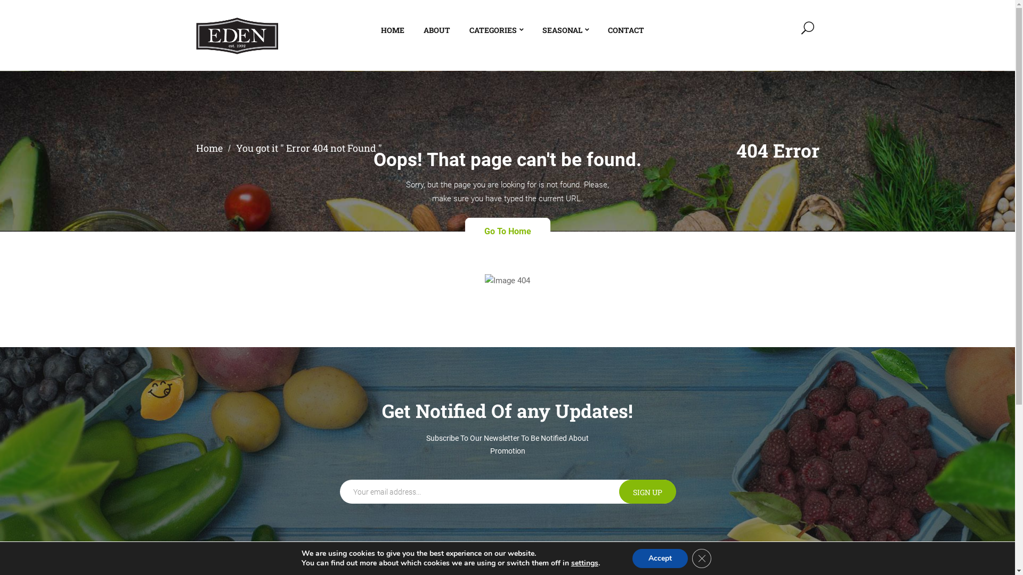 The image size is (1023, 575). Describe the element at coordinates (422, 30) in the screenshot. I see `'ABOUT'` at that location.